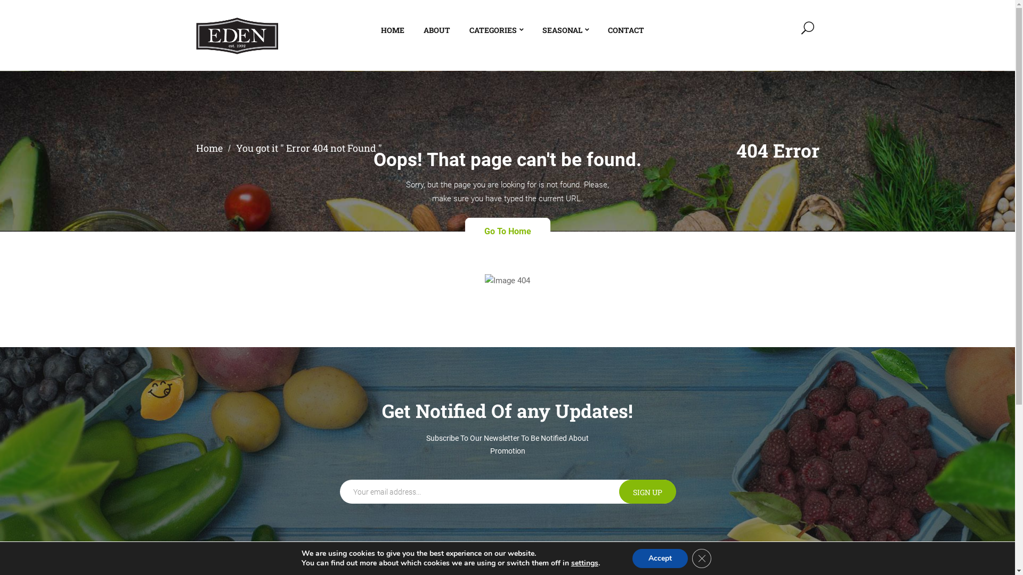 The image size is (1023, 575). Describe the element at coordinates (422, 30) in the screenshot. I see `'ABOUT'` at that location.